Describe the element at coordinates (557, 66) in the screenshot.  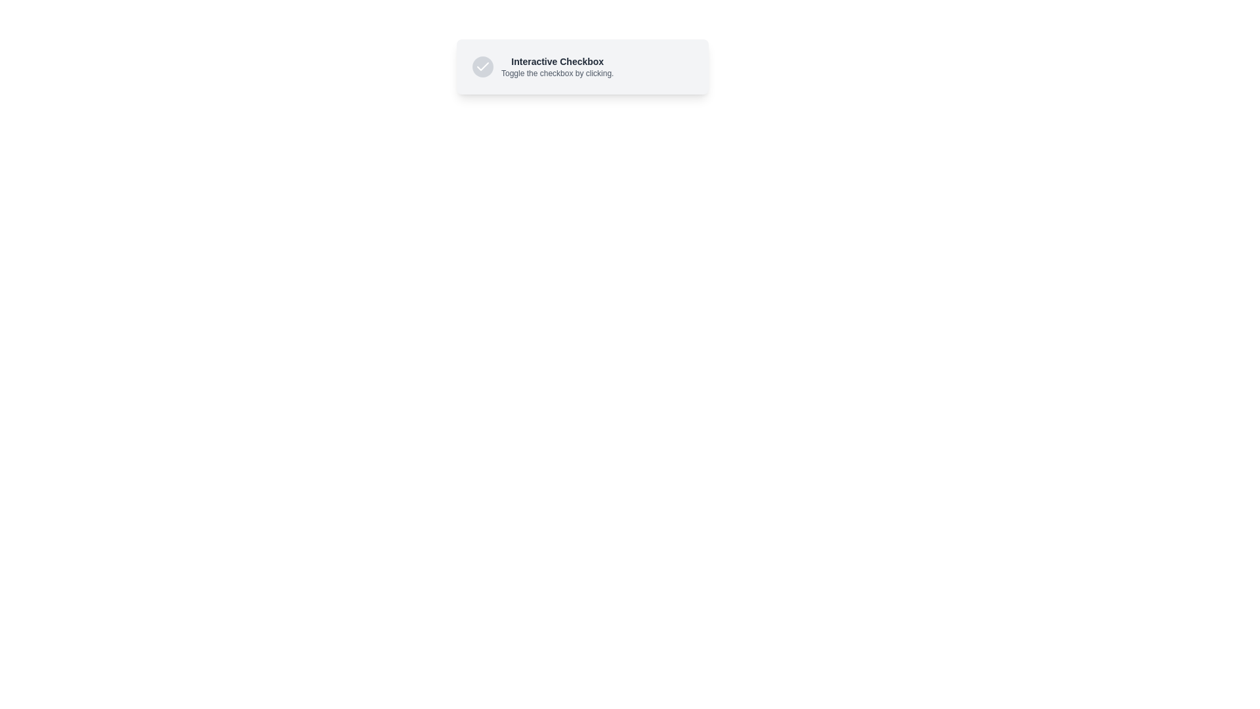
I see `the Text Label with Description that provides guidance for the corresponding checkbox located on the right side of the light rectangular background panel` at that location.